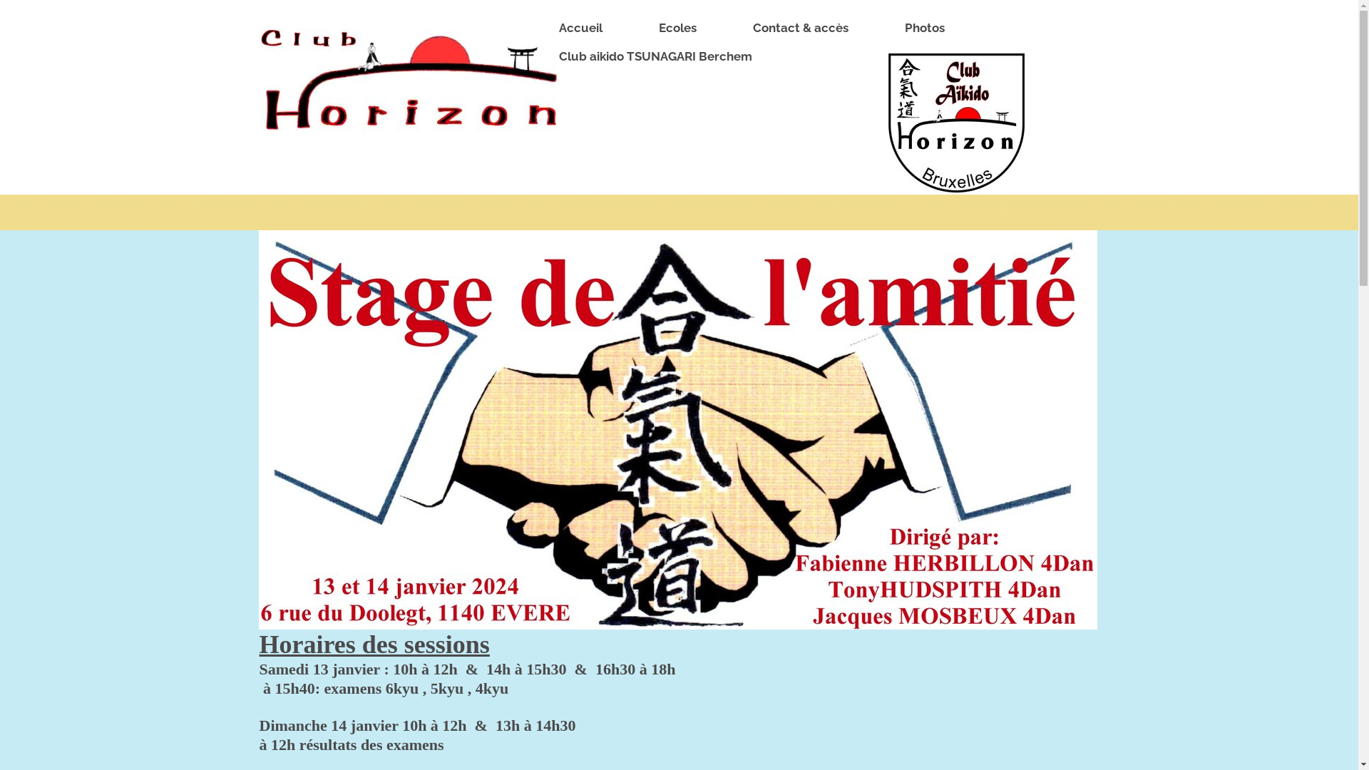 The height and width of the screenshot is (770, 1369). I want to click on 'Accueil', so click(536, 28).